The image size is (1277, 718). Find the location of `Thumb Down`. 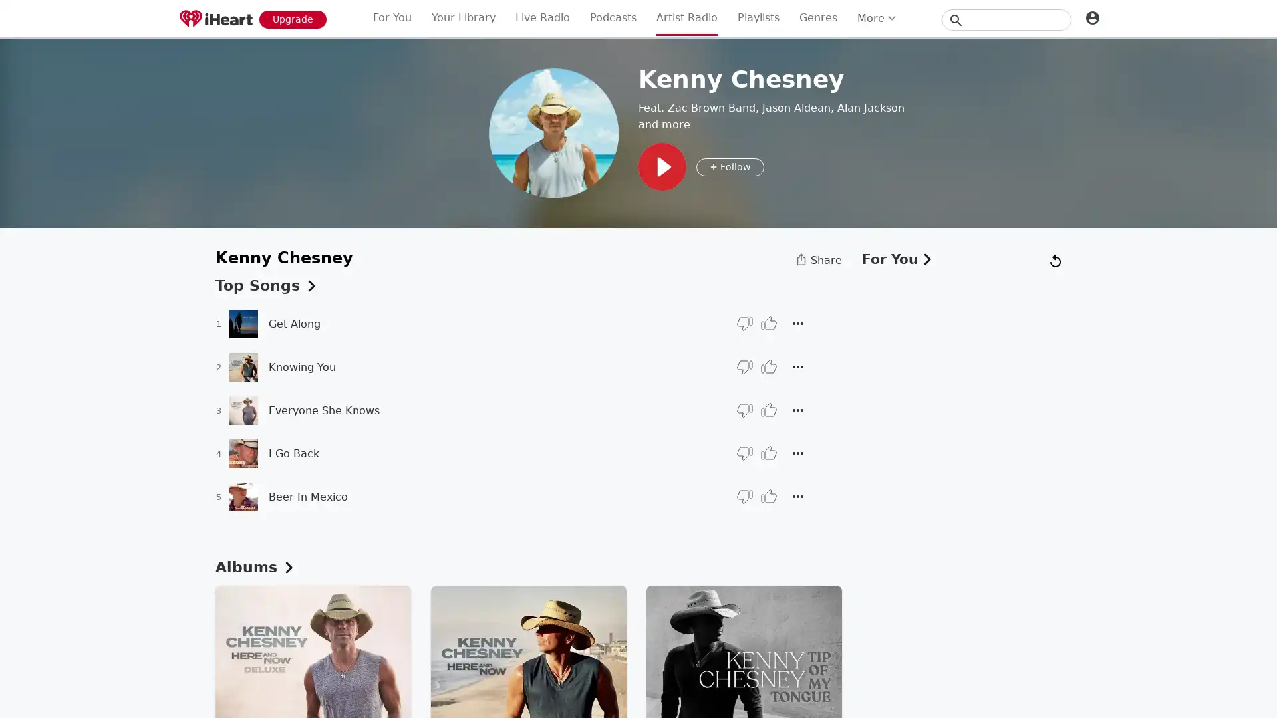

Thumb Down is located at coordinates (744, 366).